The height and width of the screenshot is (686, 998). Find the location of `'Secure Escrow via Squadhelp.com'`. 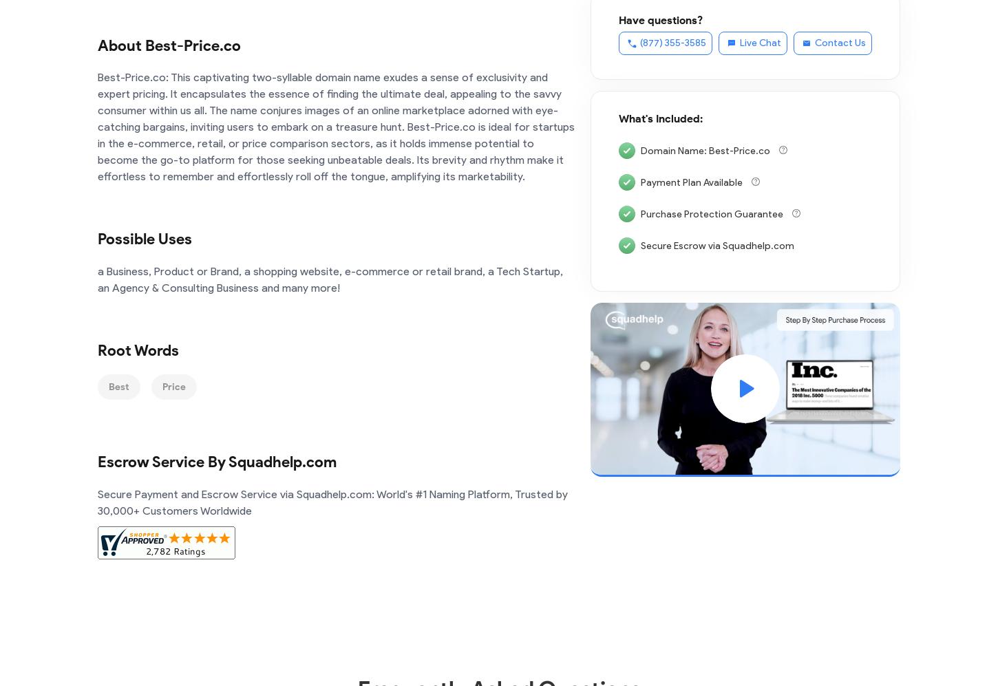

'Secure Escrow via Squadhelp.com' is located at coordinates (640, 244).